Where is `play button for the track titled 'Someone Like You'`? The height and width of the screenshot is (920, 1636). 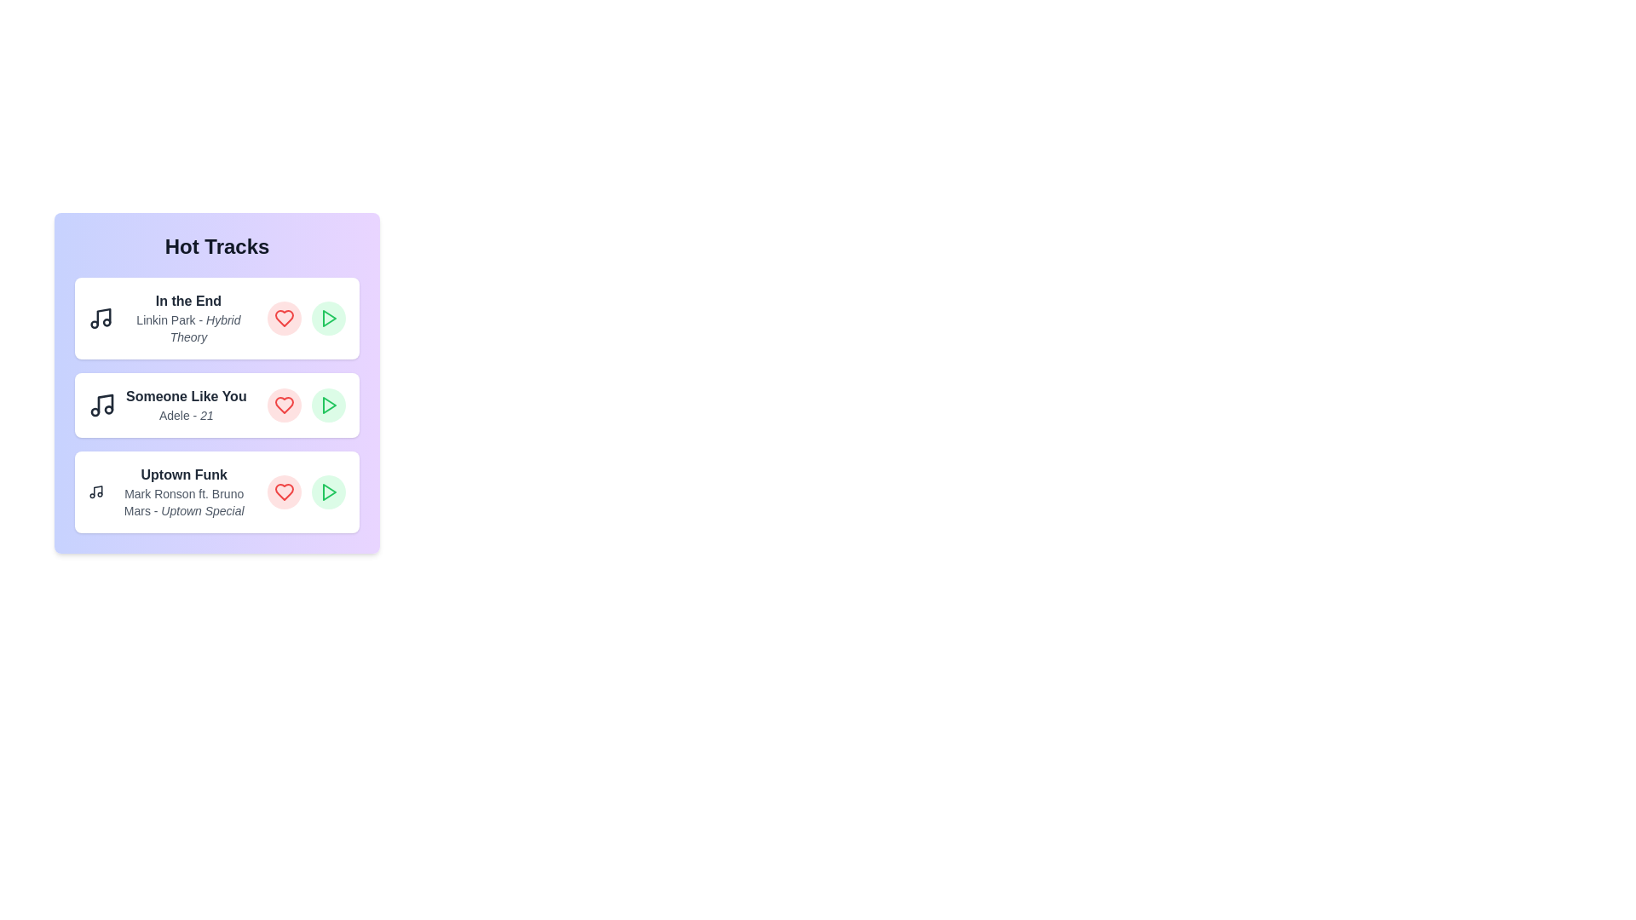
play button for the track titled 'Someone Like You' is located at coordinates (328, 405).